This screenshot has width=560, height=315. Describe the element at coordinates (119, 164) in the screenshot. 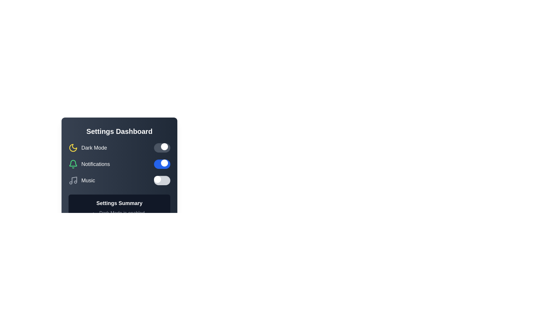

I see `the toggle switch for the Notifications setting in the A settings row component` at that location.